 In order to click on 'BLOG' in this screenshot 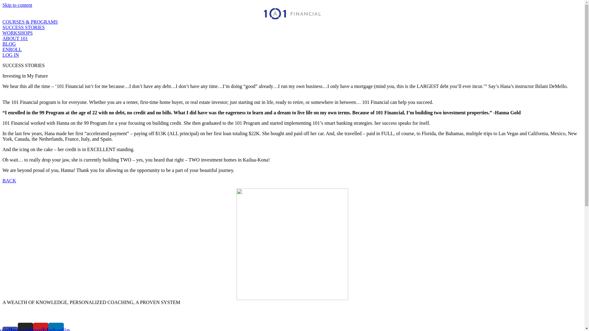, I will do `click(9, 44)`.